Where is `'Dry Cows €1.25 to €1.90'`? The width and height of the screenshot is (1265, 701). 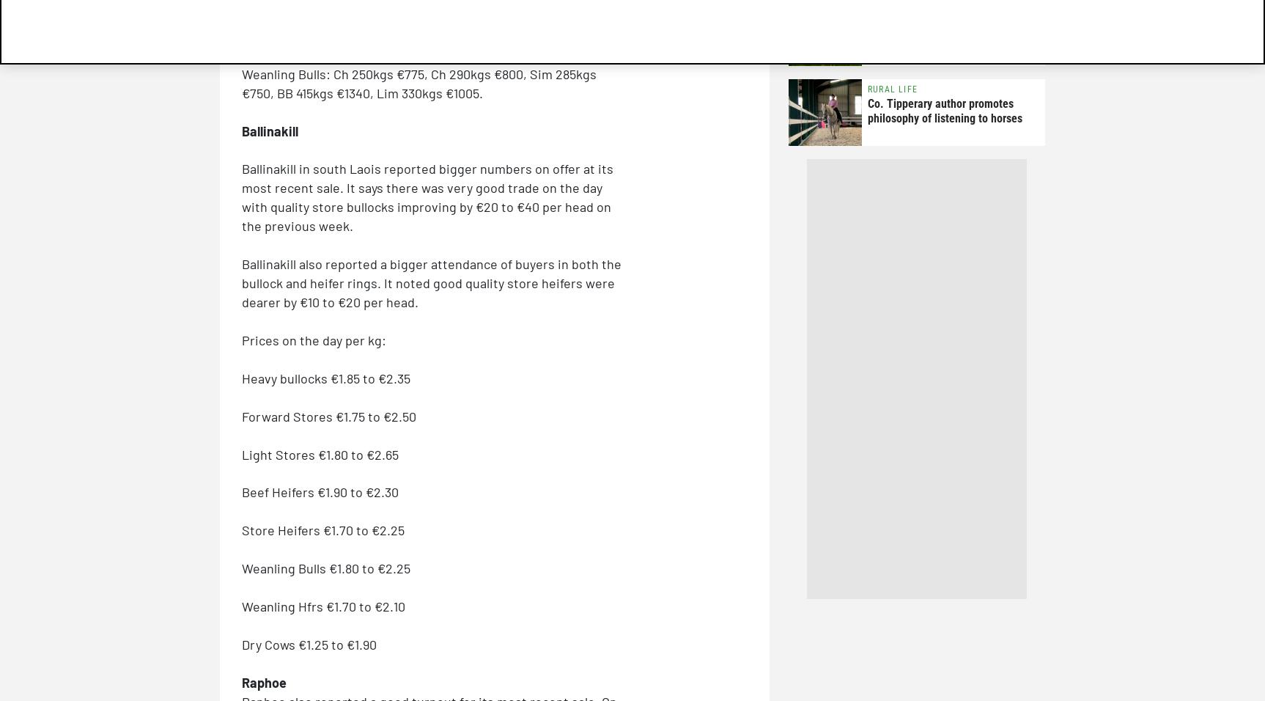 'Dry Cows €1.25 to €1.90' is located at coordinates (309, 645).